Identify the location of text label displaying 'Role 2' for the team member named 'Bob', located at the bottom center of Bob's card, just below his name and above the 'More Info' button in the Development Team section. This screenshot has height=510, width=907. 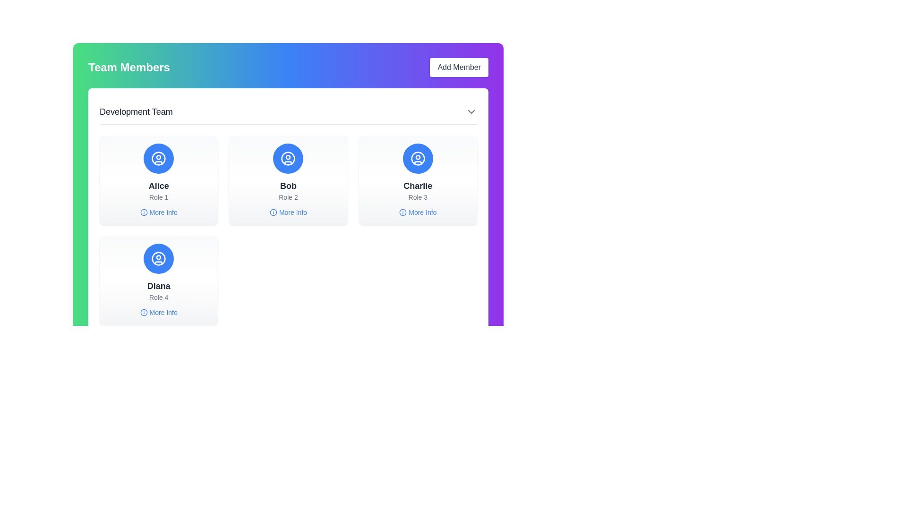
(288, 196).